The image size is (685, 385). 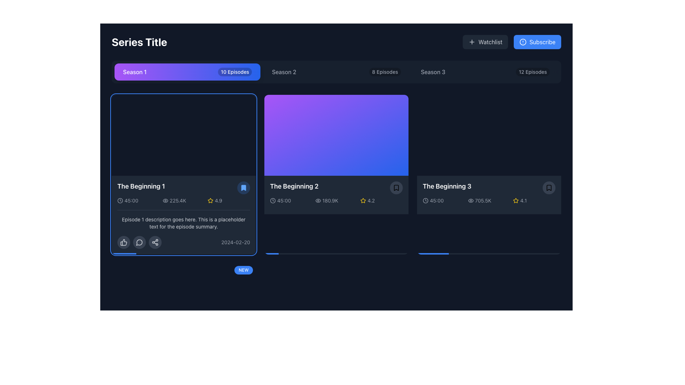 I want to click on the eye-shaped icon located to the left of '705.5K' in the lower section of the card for 'The Beginning 3', so click(x=471, y=201).